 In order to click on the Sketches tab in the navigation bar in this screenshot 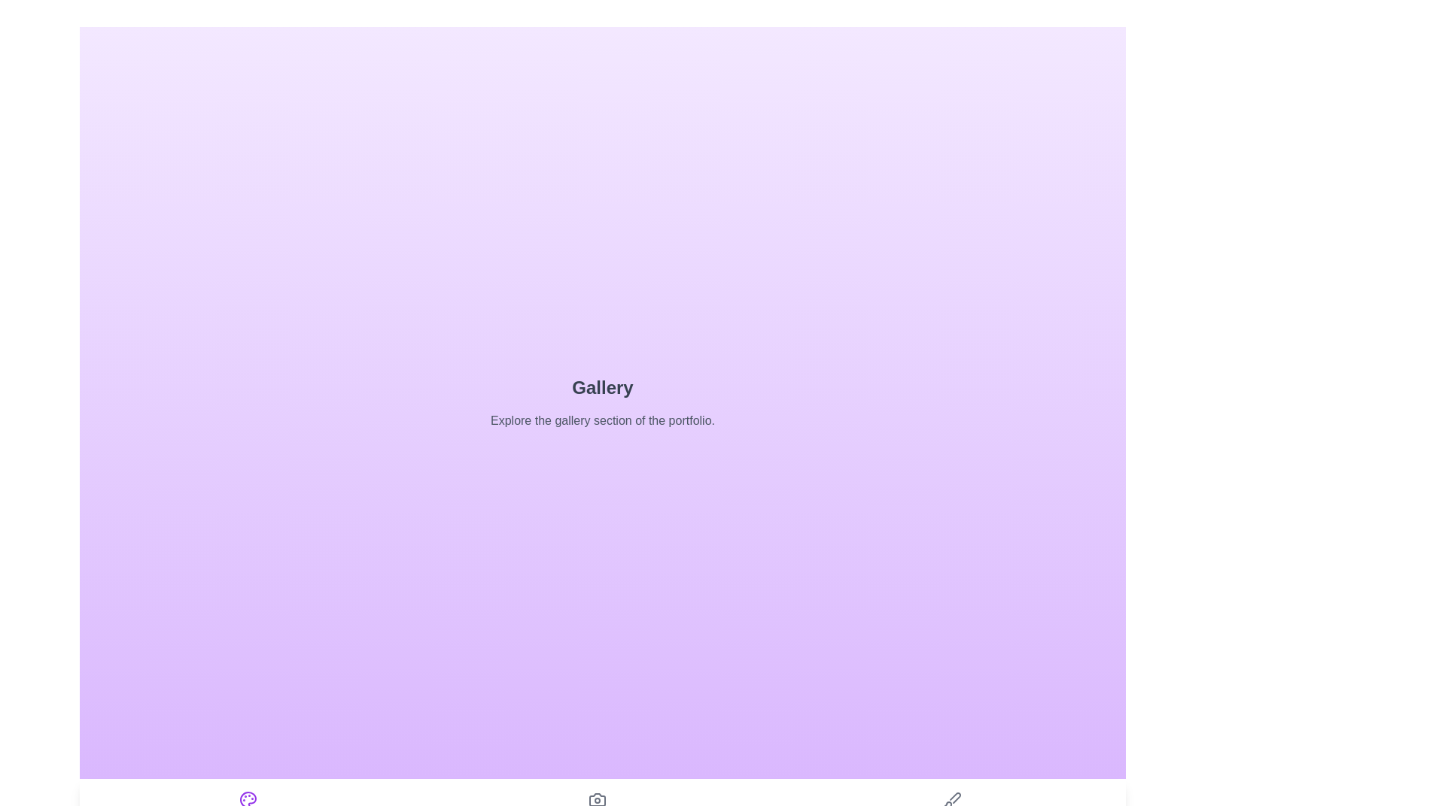, I will do `click(951, 808)`.